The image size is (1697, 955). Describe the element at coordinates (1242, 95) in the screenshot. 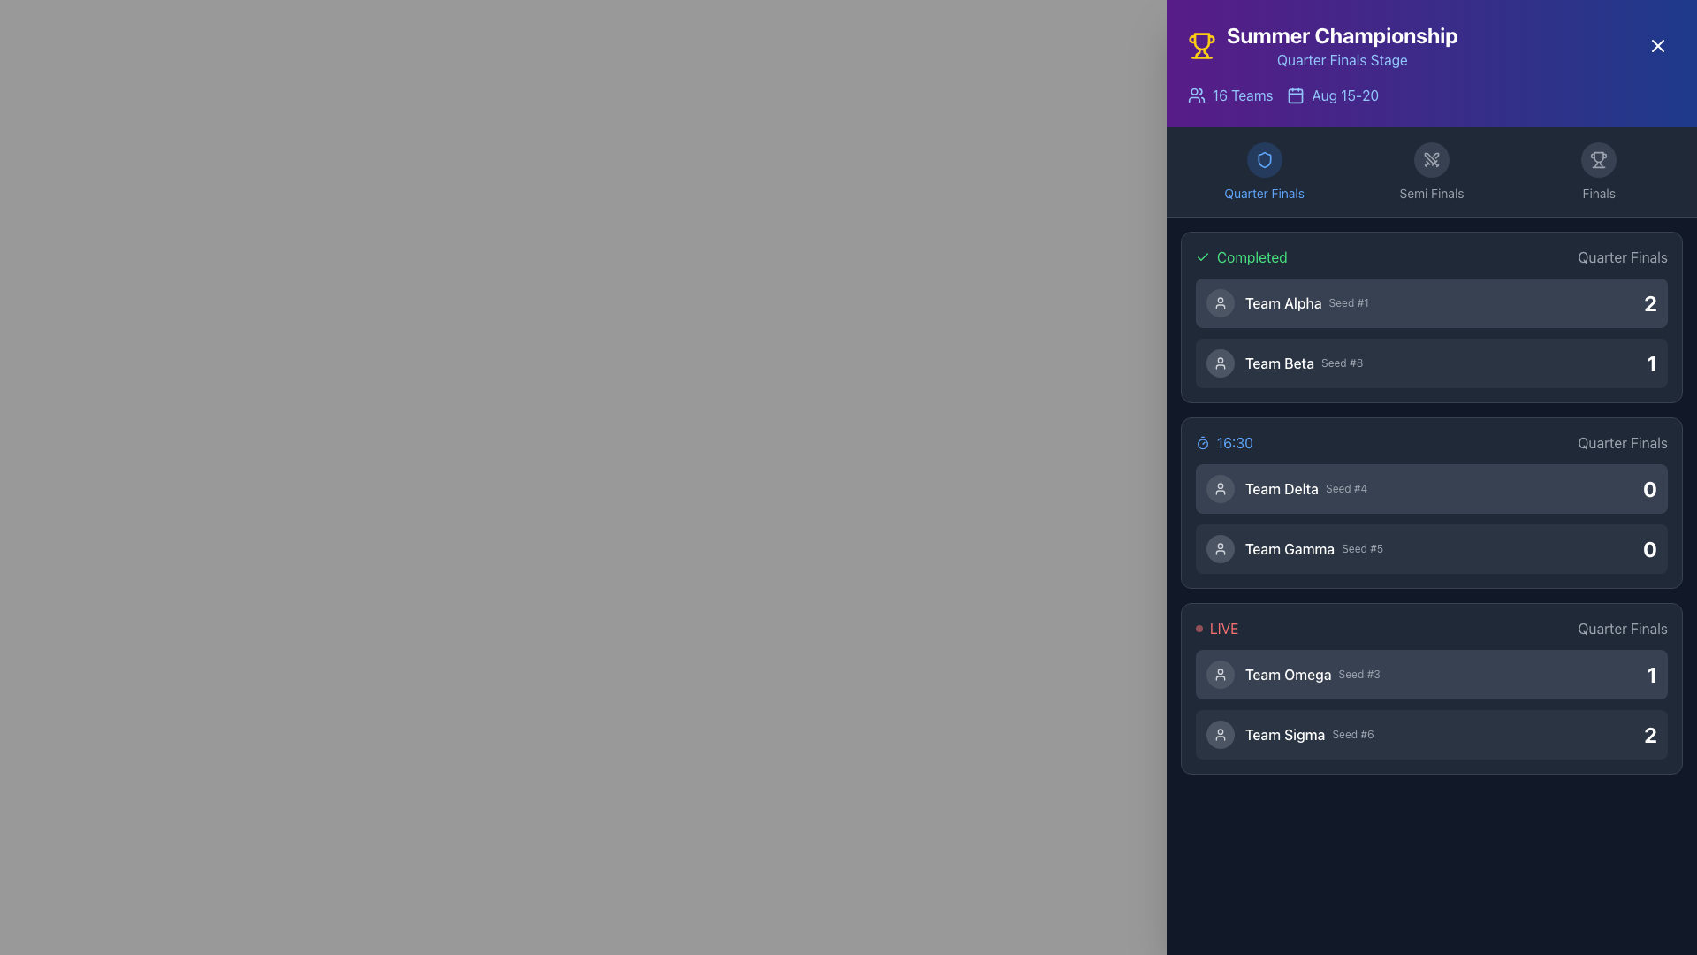

I see `the text label displaying '16 Teams' in a light blue font on a dark purple background, centrally positioned in the header area of the interface` at that location.